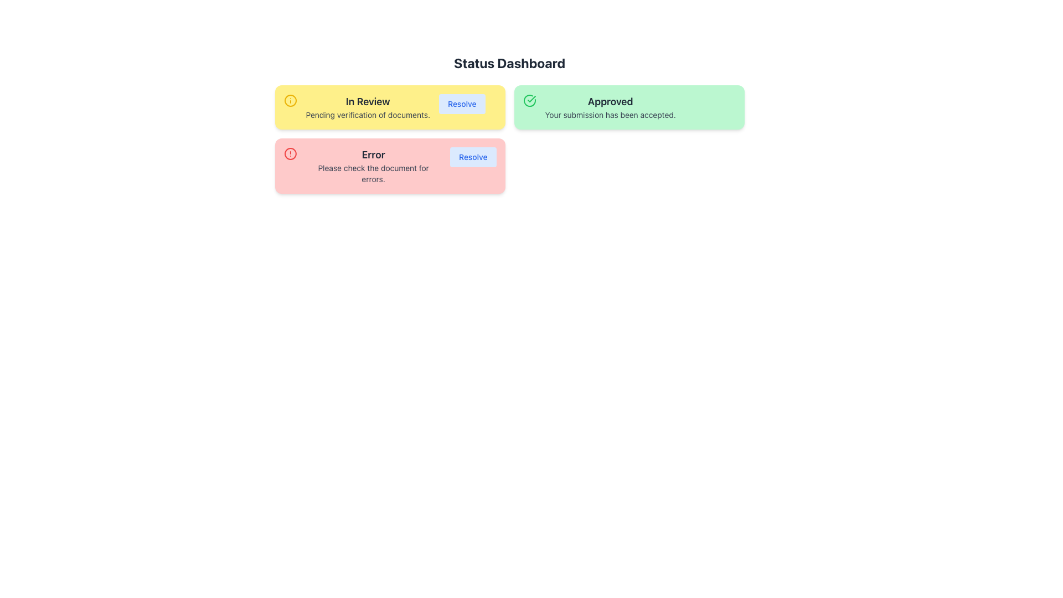 The image size is (1063, 598). Describe the element at coordinates (368, 115) in the screenshot. I see `the text label indicating that the verification of documents is pending, which is located in the yellow notification box labeled 'In Review.'` at that location.